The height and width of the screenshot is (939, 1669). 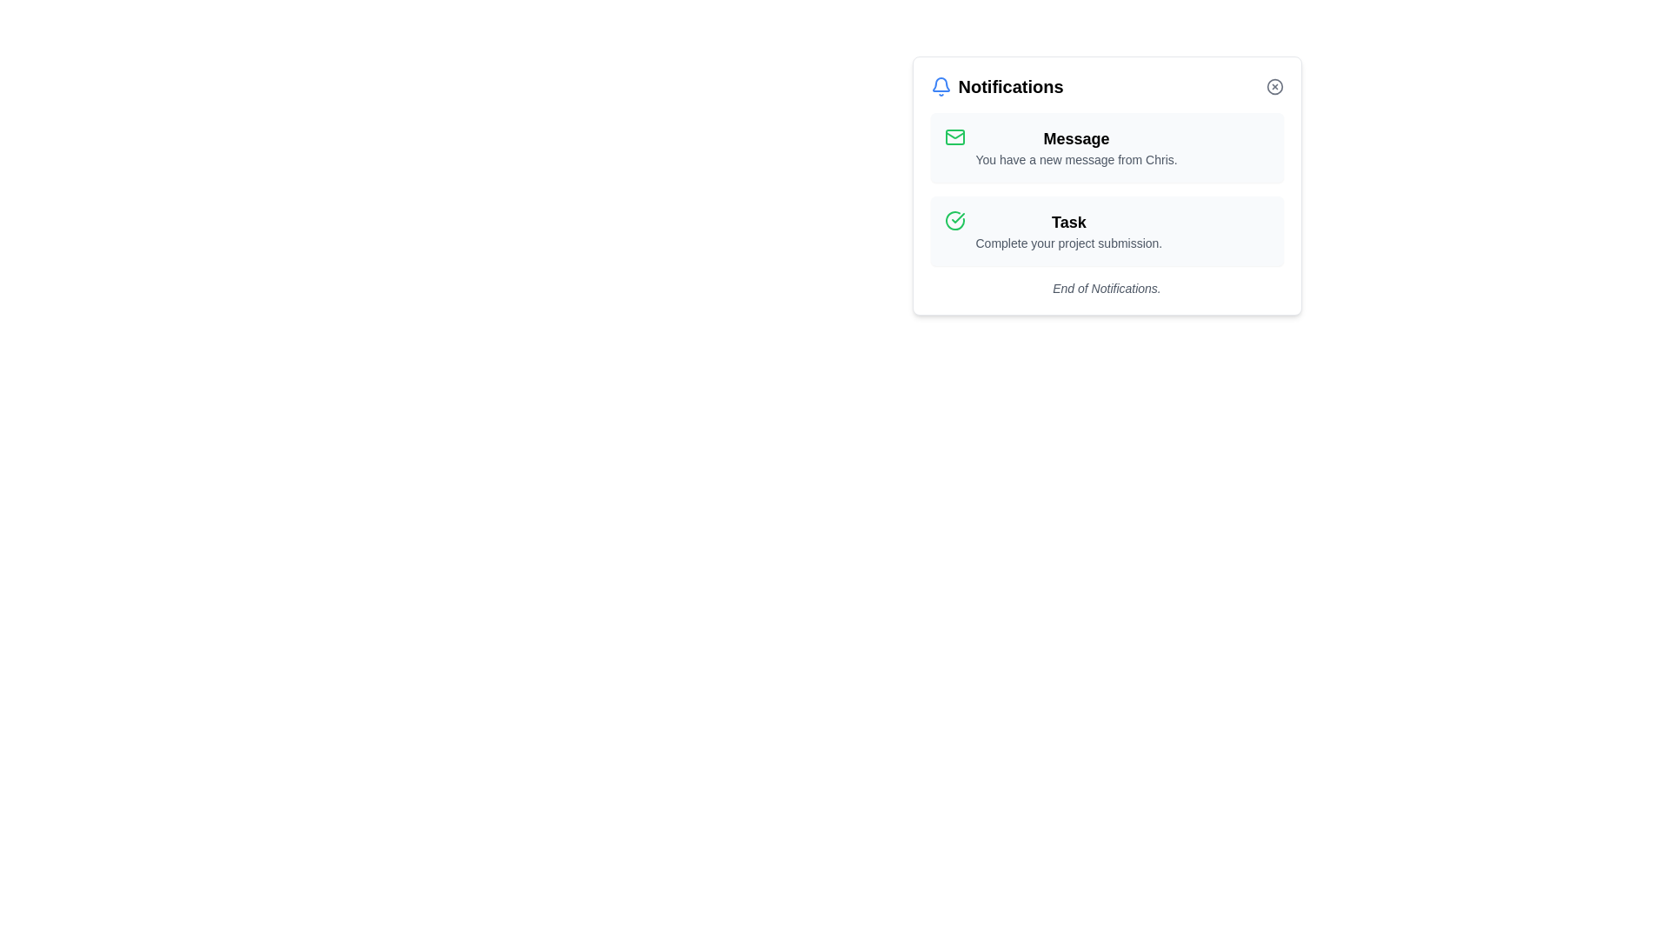 What do you see at coordinates (1011, 87) in the screenshot?
I see `the static text label indicating notifications, which is located near the top of the pop-up panel to the right of the bell icon` at bounding box center [1011, 87].